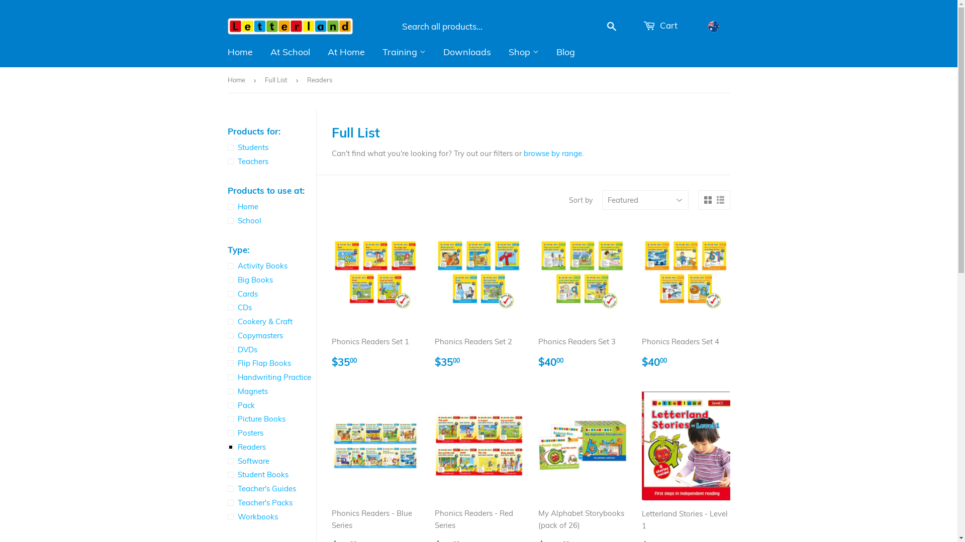 This screenshot has height=542, width=965. Describe the element at coordinates (271, 488) in the screenshot. I see `'Teacher's Guides'` at that location.